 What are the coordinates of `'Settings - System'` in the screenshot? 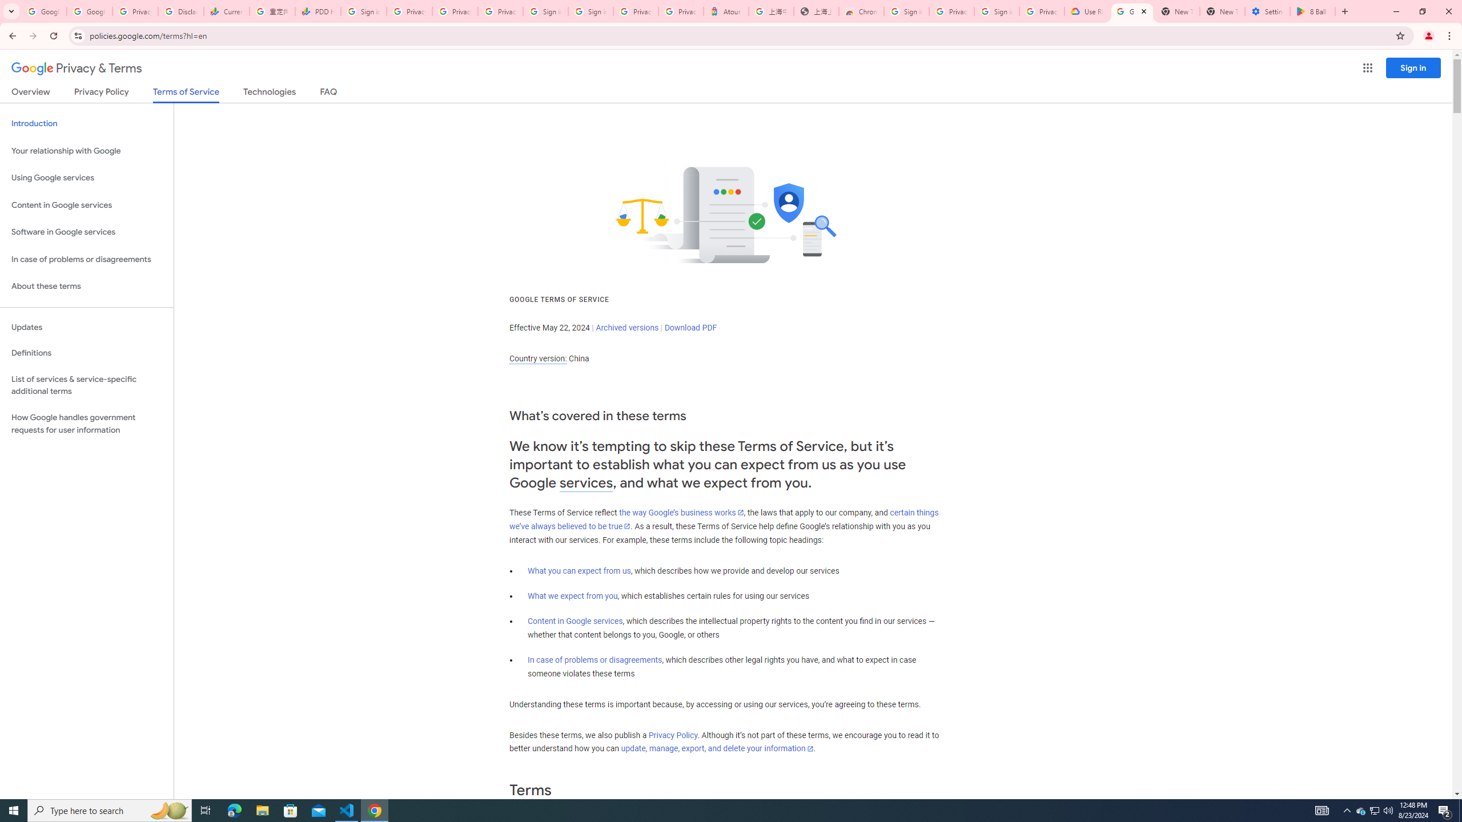 It's located at (1267, 11).